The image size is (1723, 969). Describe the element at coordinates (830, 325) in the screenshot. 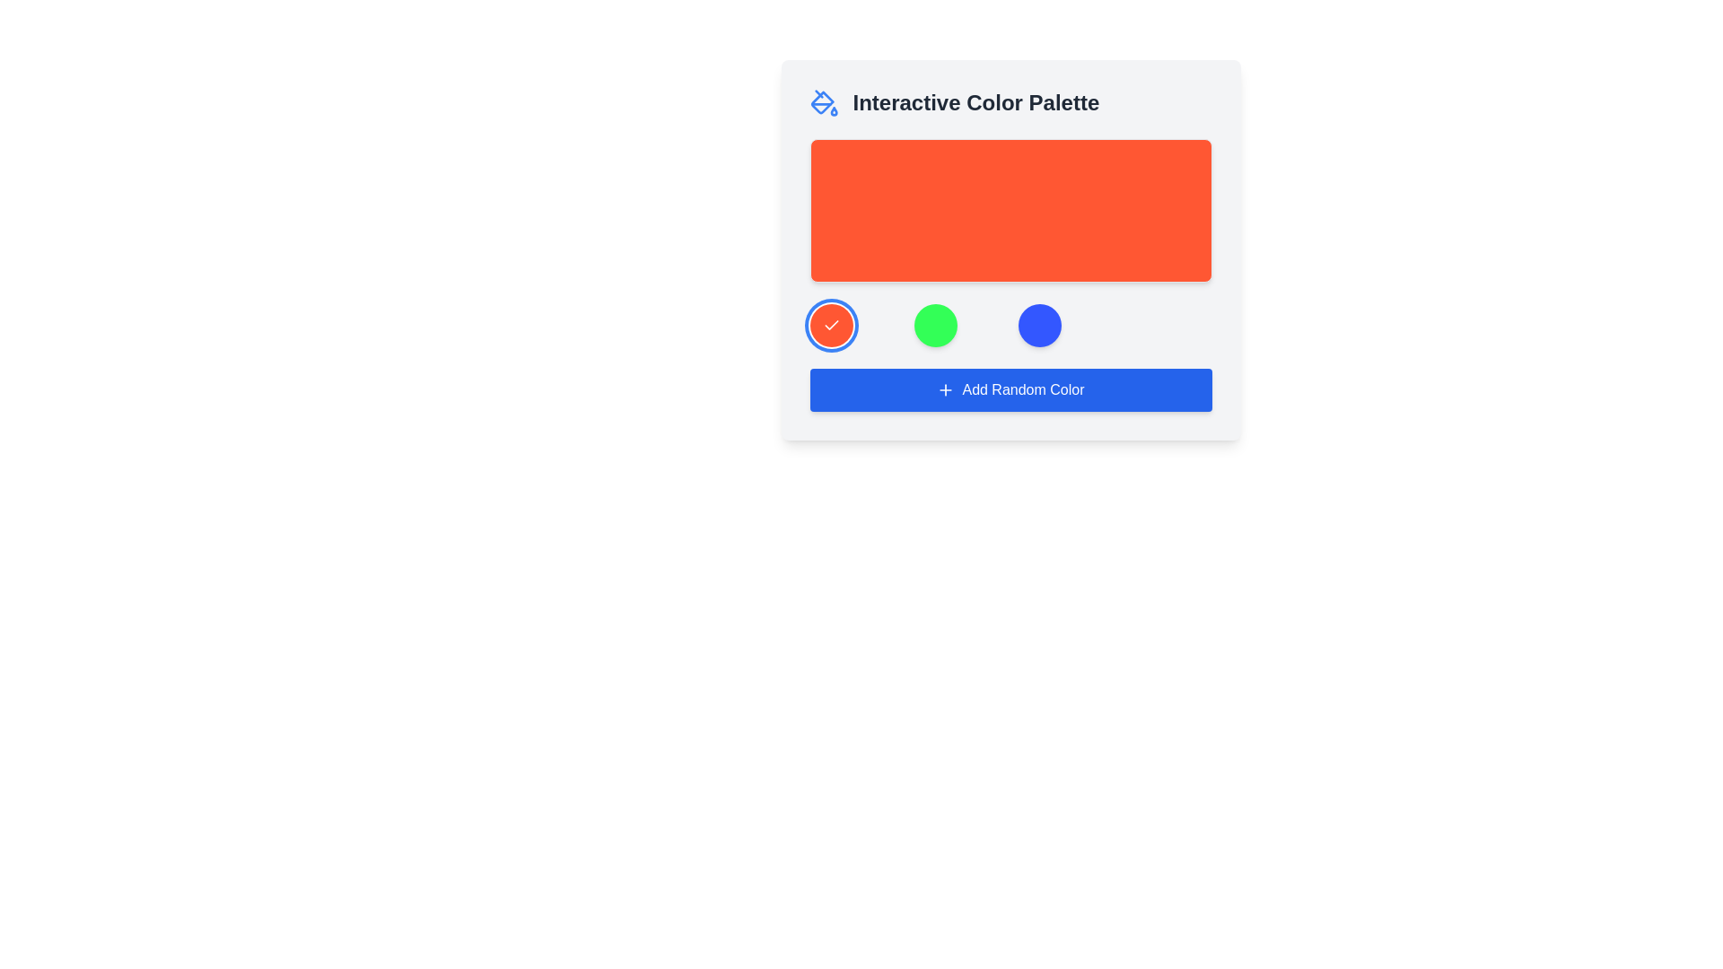

I see `the circular button with a bright orange background and a white checkmark icon` at that location.